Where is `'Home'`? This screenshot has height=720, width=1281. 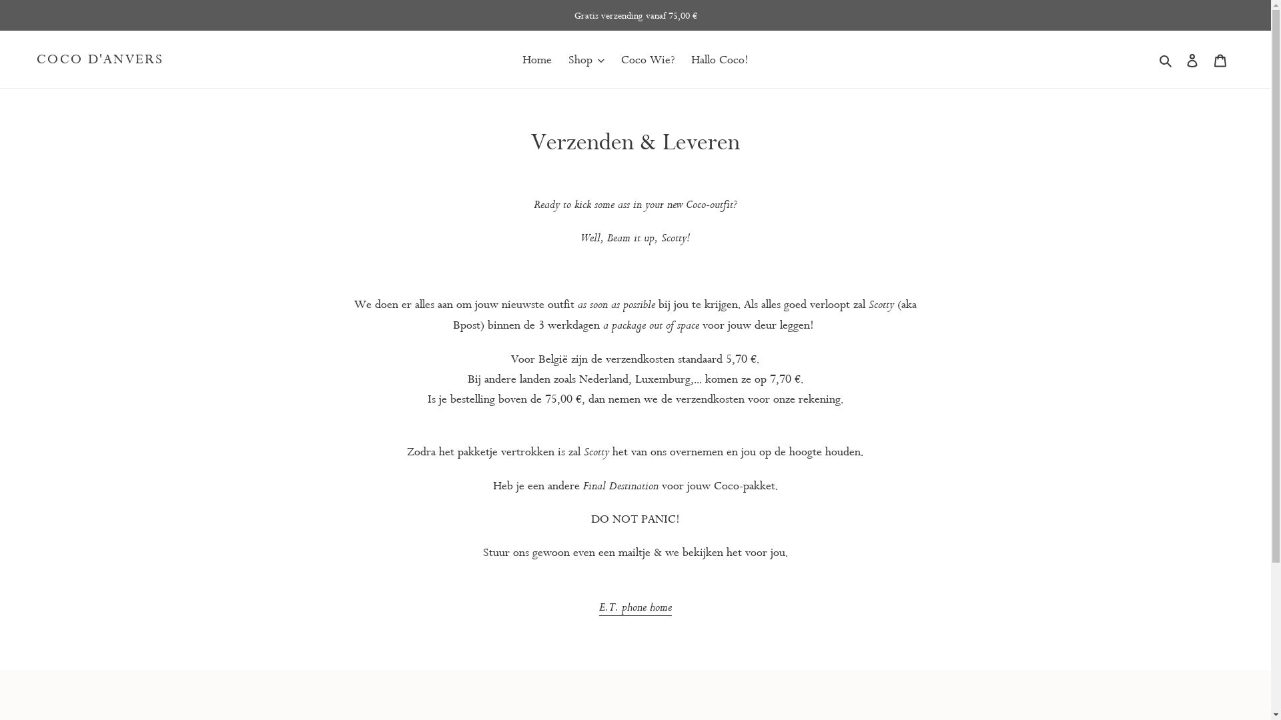 'Home' is located at coordinates (537, 58).